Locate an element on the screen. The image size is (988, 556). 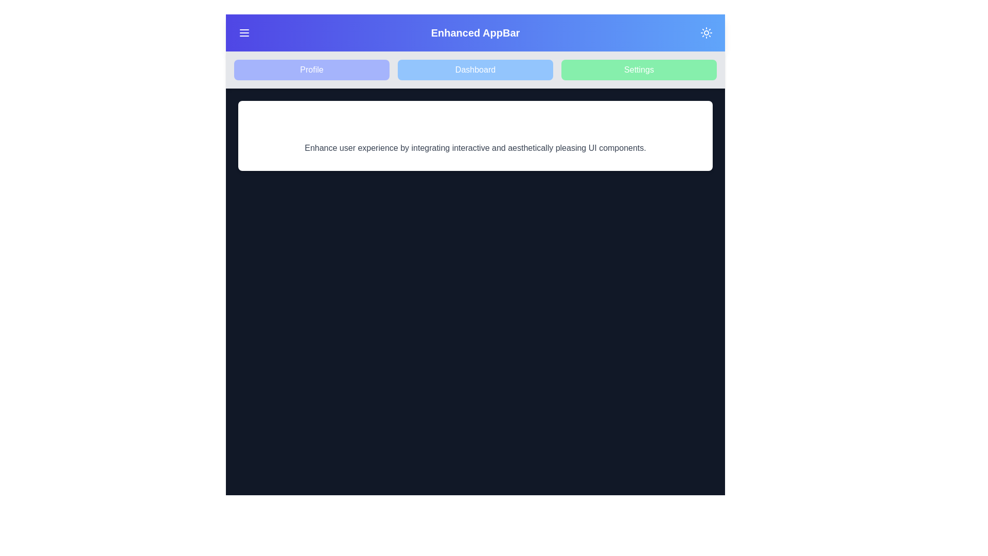
the navigation item Profile is located at coordinates (311, 69).